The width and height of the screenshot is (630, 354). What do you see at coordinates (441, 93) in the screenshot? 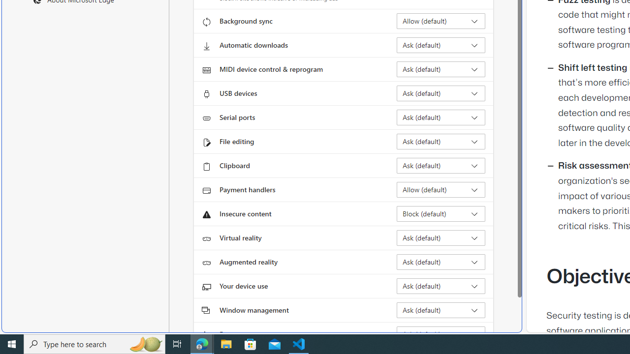
I see `'USB devices Ask (default)'` at bounding box center [441, 93].